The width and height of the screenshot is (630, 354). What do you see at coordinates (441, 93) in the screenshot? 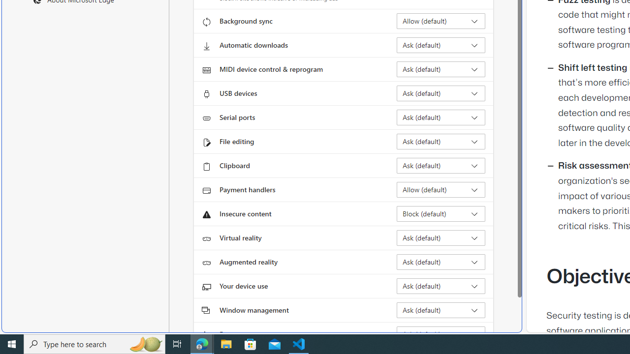
I see `'USB devices Ask (default)'` at bounding box center [441, 93].